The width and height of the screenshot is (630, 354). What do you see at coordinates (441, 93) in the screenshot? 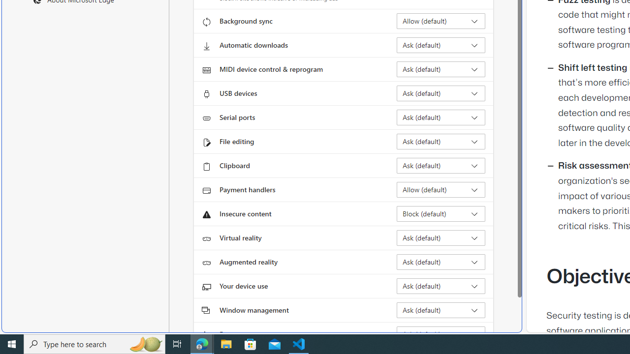
I see `'USB devices Ask (default)'` at bounding box center [441, 93].